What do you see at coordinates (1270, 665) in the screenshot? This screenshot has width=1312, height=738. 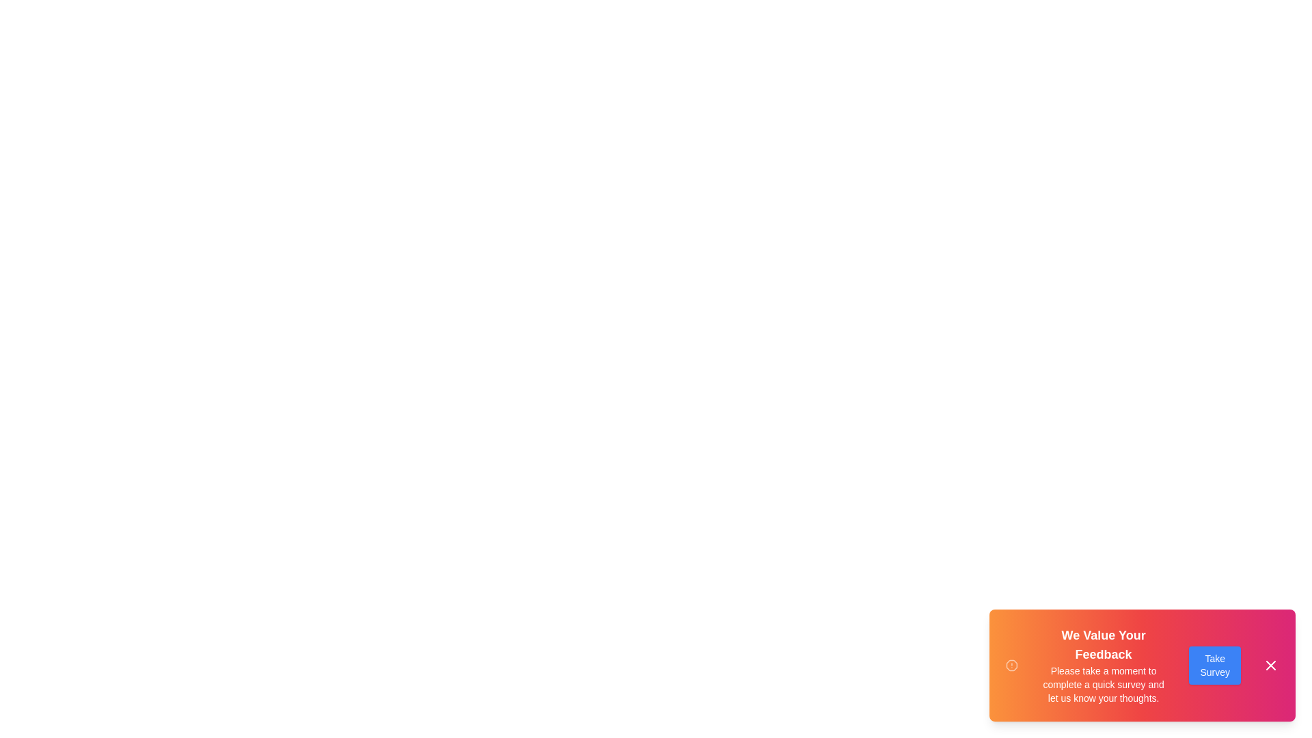 I see `close button (X) to dismiss the snackbar` at bounding box center [1270, 665].